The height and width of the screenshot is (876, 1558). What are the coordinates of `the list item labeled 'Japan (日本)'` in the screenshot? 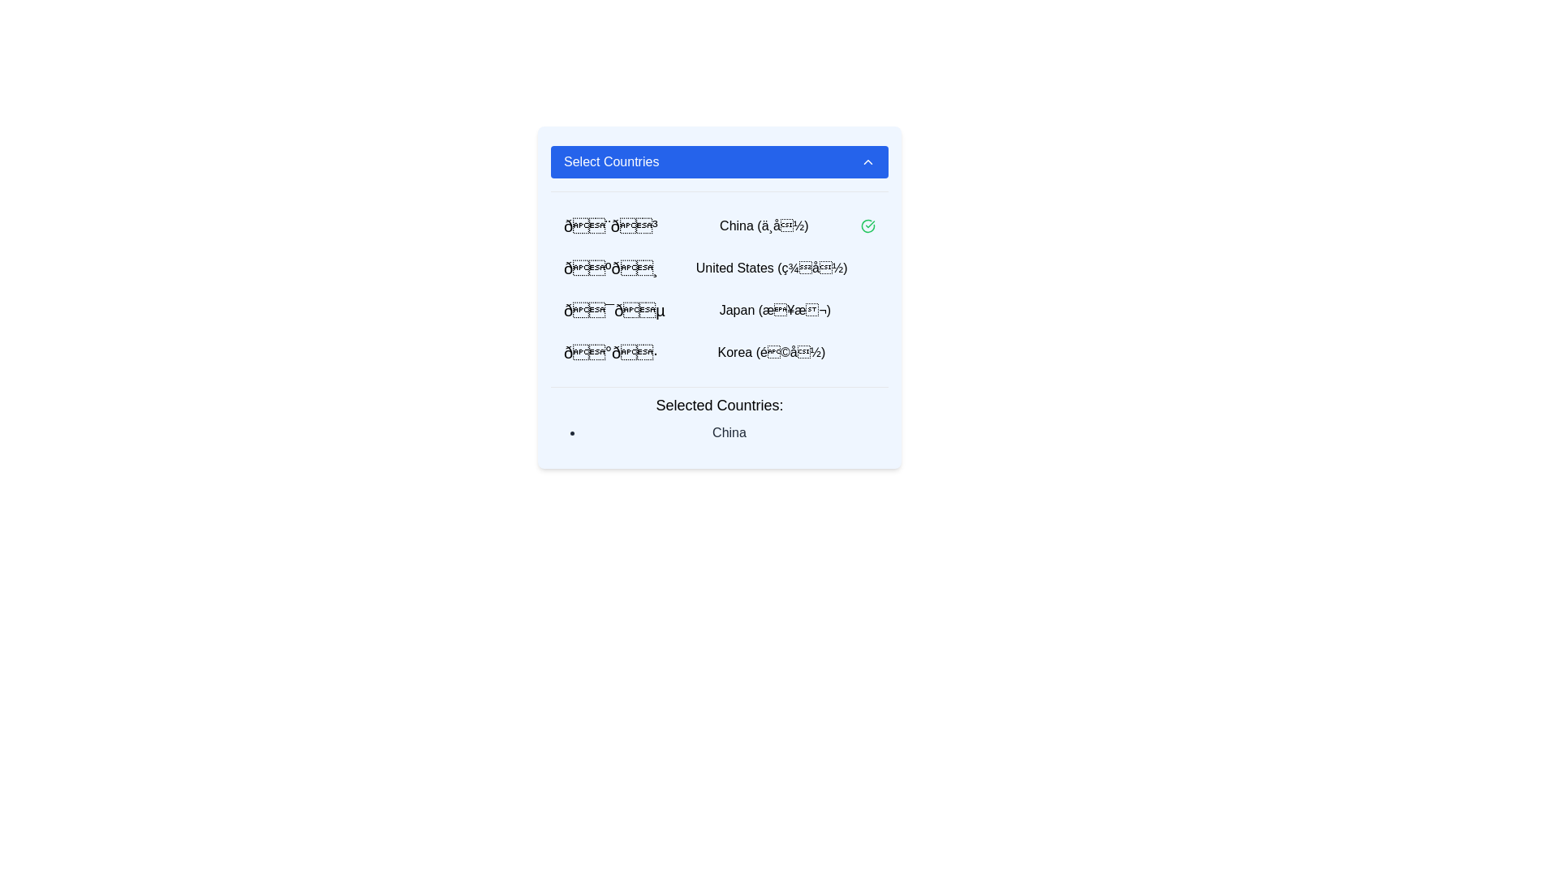 It's located at (719, 320).